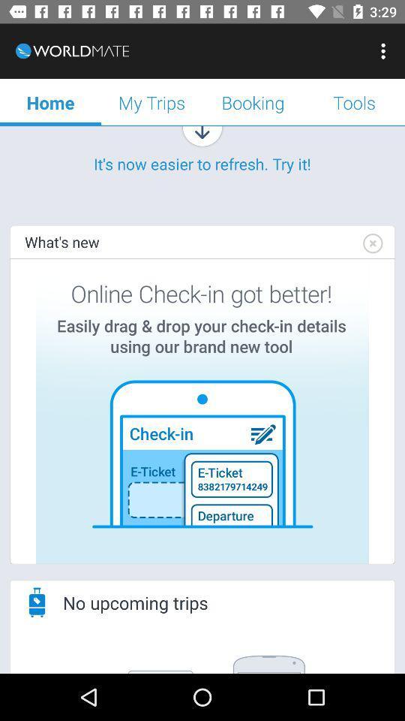  What do you see at coordinates (354, 101) in the screenshot?
I see `tools icon` at bounding box center [354, 101].